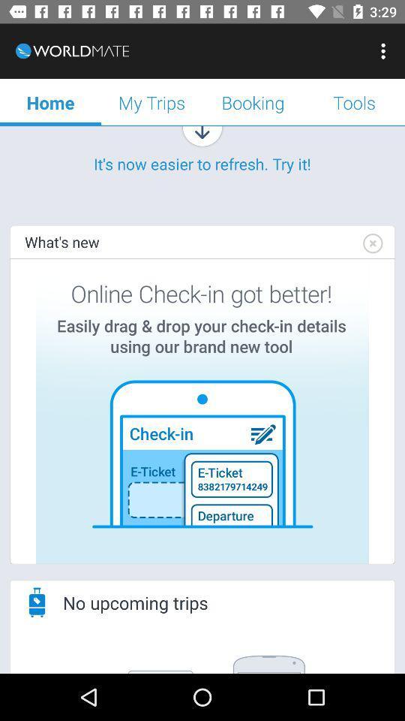  What do you see at coordinates (354, 101) in the screenshot?
I see `tools icon` at bounding box center [354, 101].